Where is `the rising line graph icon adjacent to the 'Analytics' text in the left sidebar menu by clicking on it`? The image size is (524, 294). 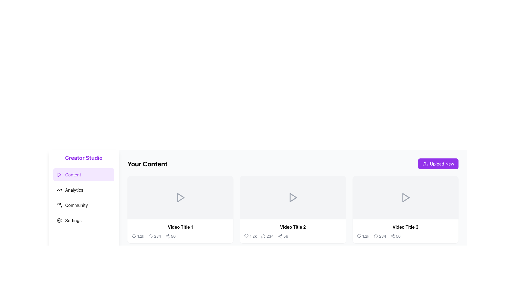 the rising line graph icon adjacent to the 'Analytics' text in the left sidebar menu by clicking on it is located at coordinates (59, 190).